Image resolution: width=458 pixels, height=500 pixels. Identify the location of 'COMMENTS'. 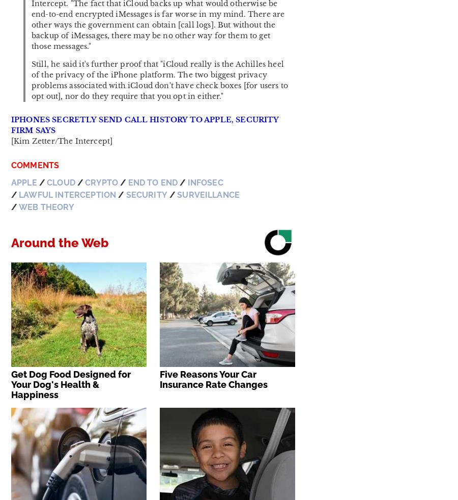
(35, 165).